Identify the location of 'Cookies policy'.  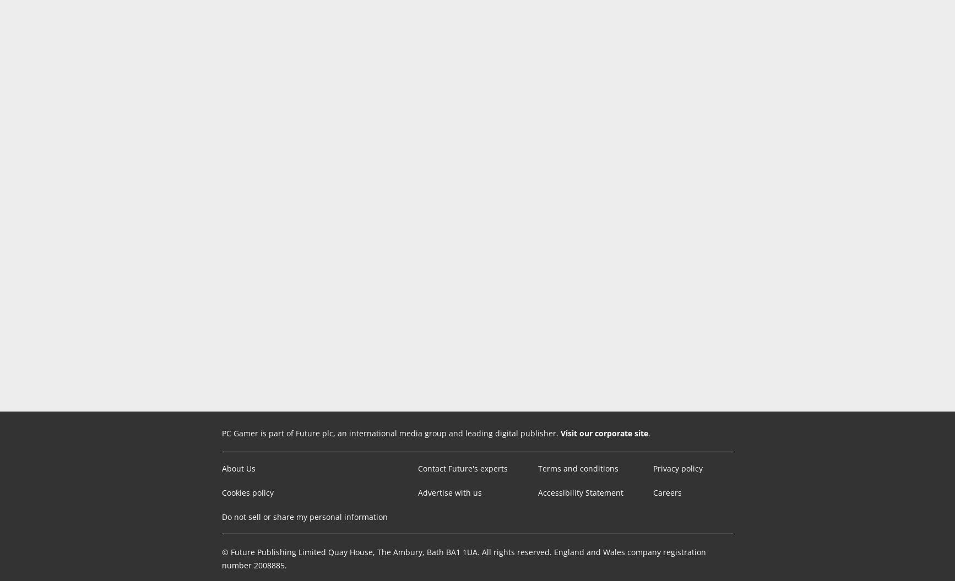
(247, 492).